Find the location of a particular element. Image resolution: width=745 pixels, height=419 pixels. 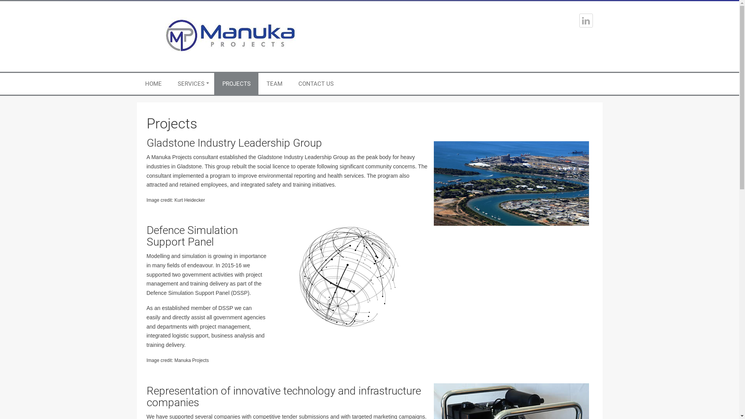

'SERVICES' is located at coordinates (192, 84).